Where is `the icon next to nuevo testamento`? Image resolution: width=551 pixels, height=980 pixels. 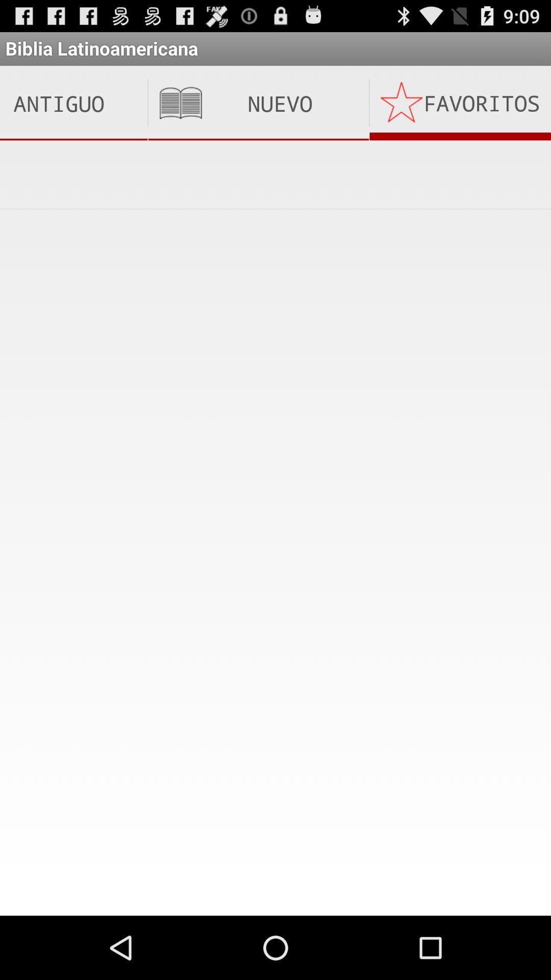
the icon next to nuevo testamento is located at coordinates (460, 103).